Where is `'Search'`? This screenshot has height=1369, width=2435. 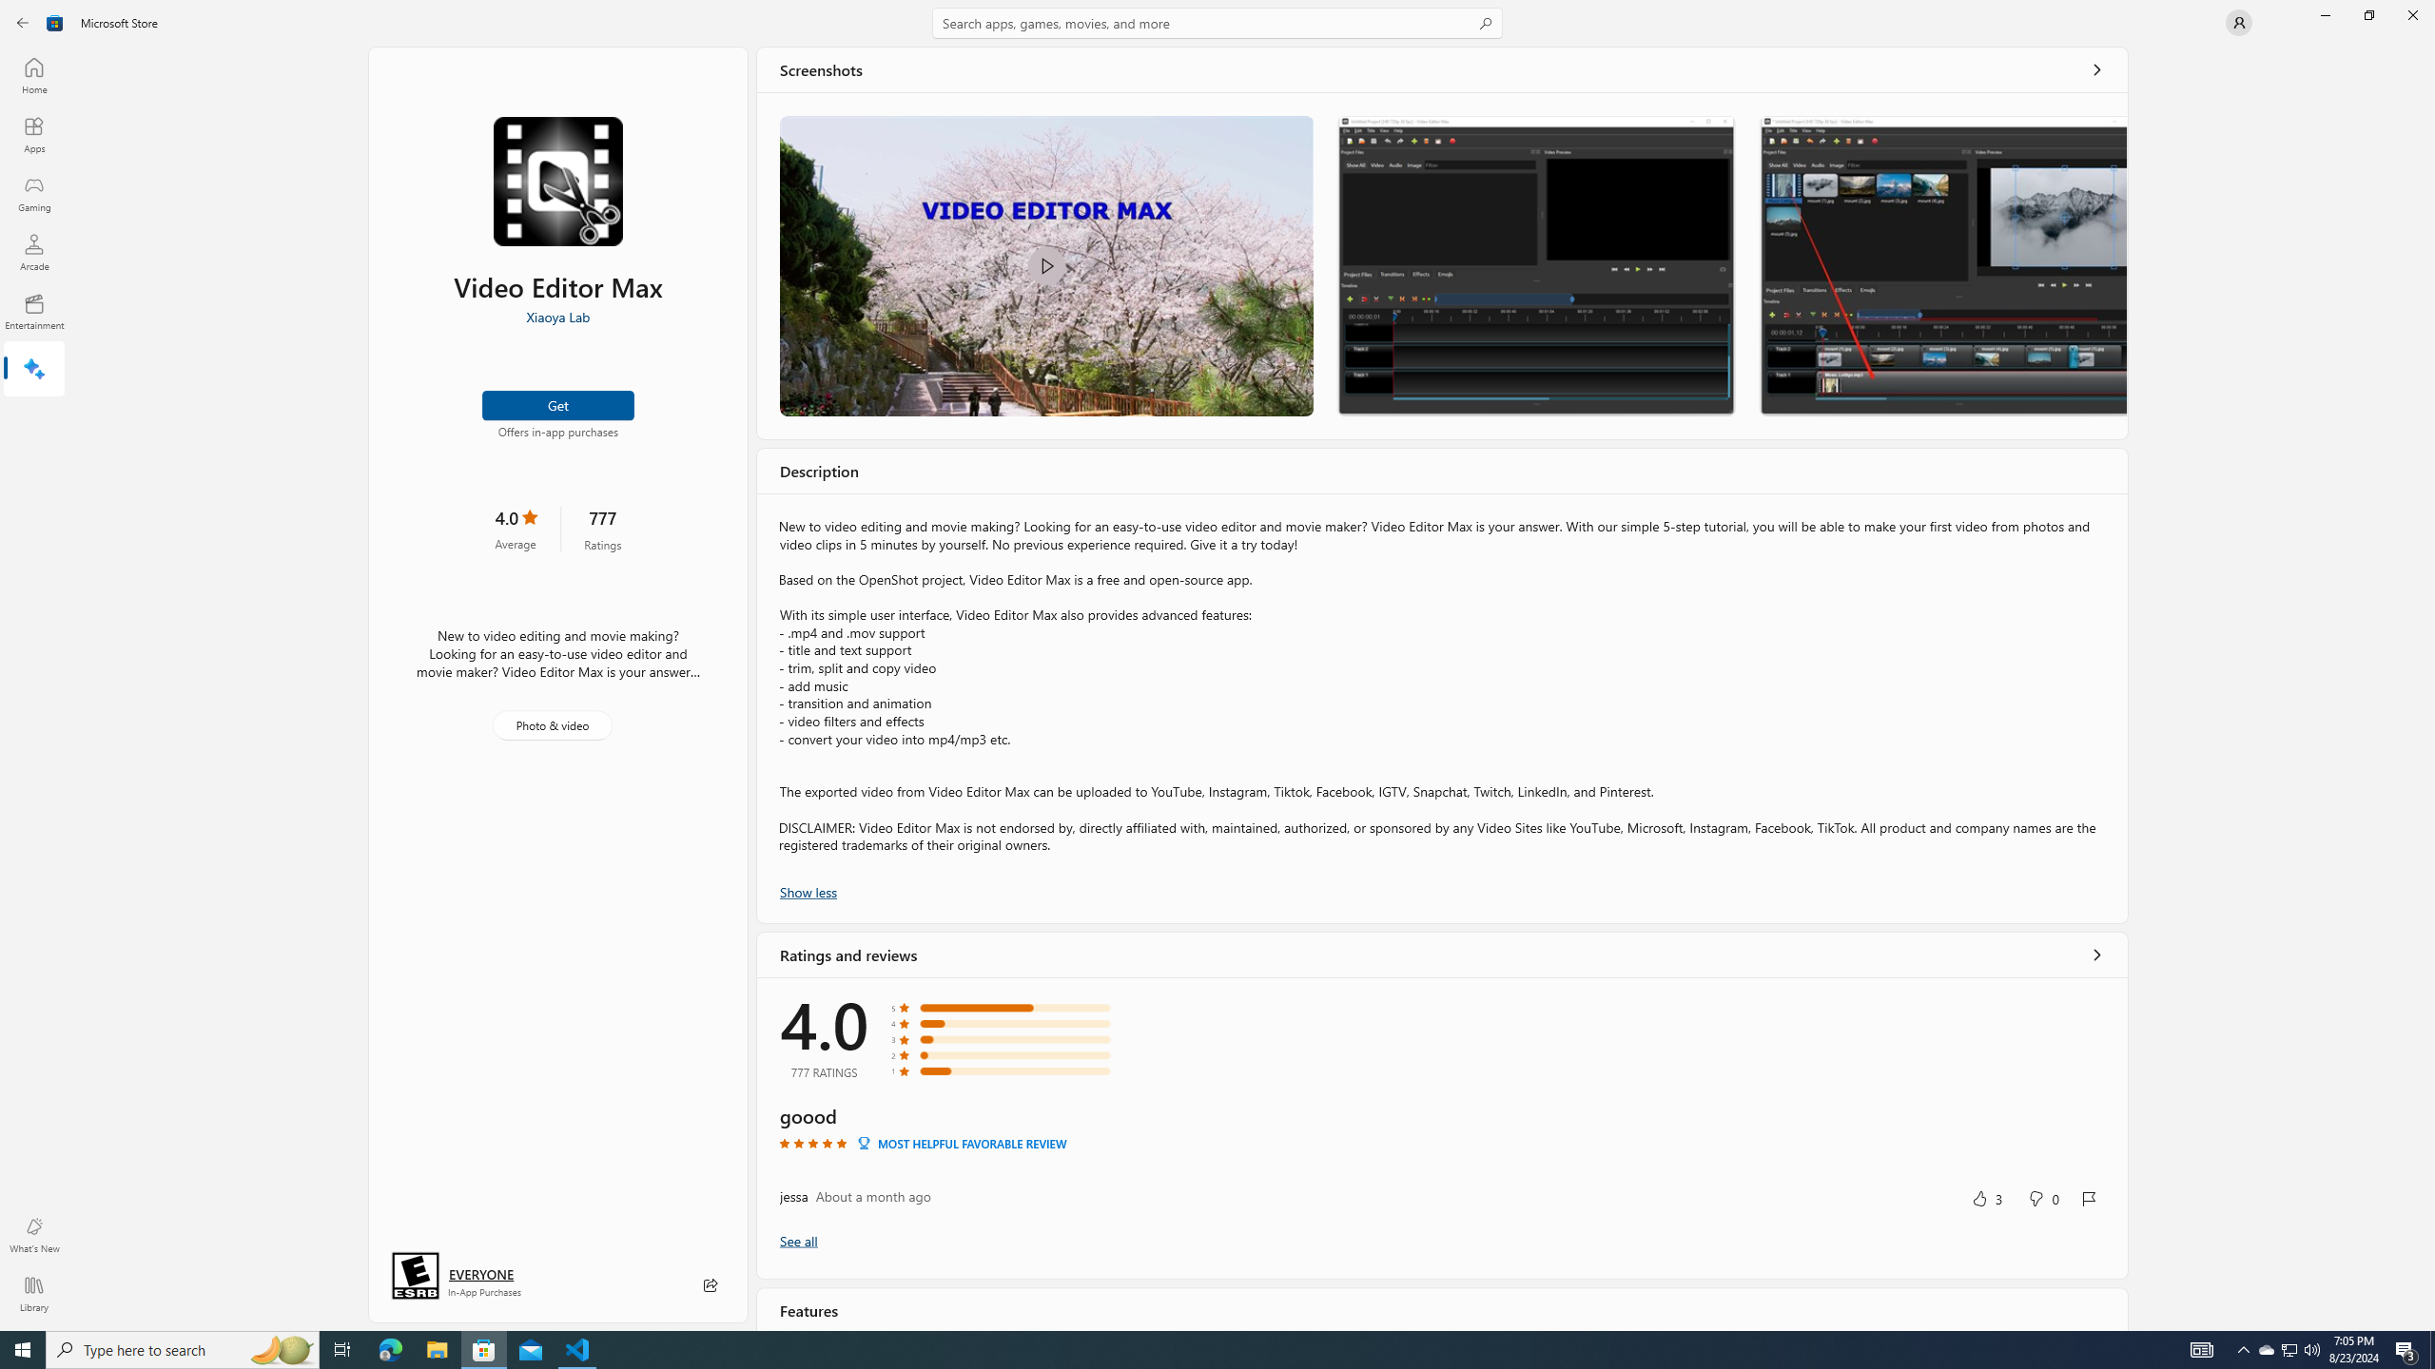 'Search' is located at coordinates (1217, 22).